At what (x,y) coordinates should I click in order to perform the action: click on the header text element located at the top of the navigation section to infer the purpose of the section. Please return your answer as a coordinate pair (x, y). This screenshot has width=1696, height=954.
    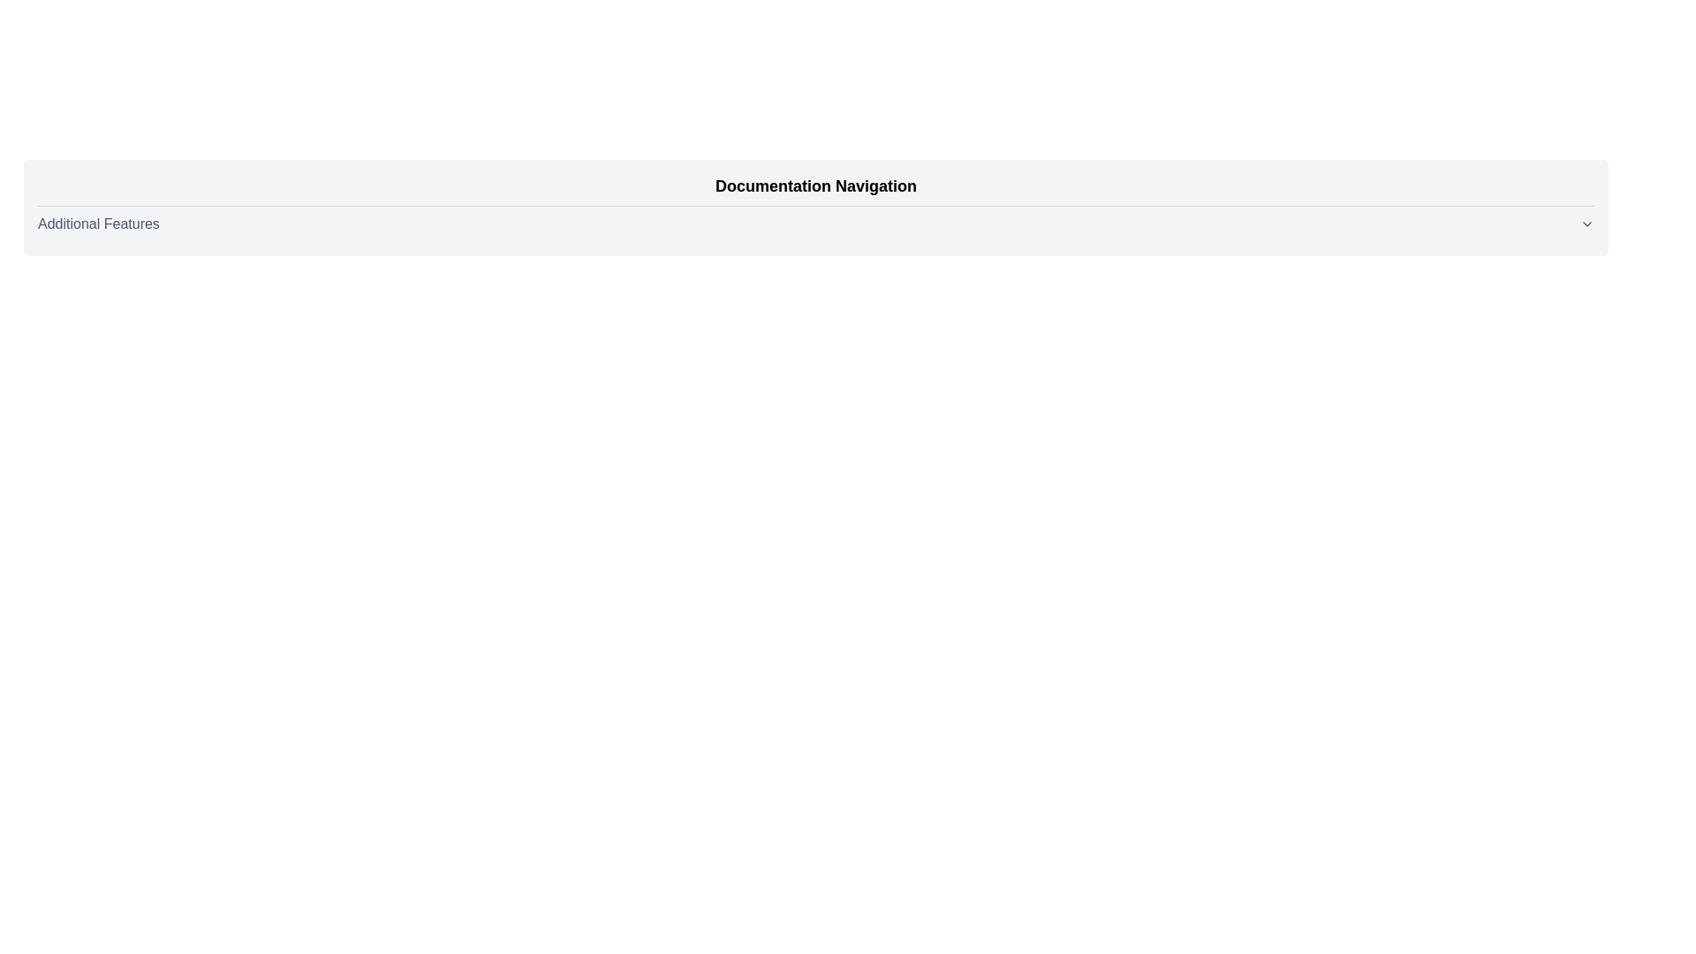
    Looking at the image, I should click on (815, 186).